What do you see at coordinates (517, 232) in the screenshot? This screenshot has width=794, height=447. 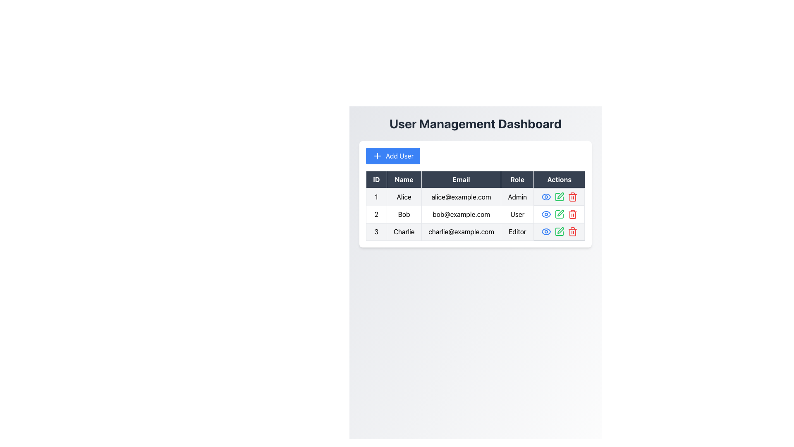 I see `the Text Label displaying the role assigned to the user 'Charlie' in the user management interface, located in the fourth cell of the third row of the table` at bounding box center [517, 232].